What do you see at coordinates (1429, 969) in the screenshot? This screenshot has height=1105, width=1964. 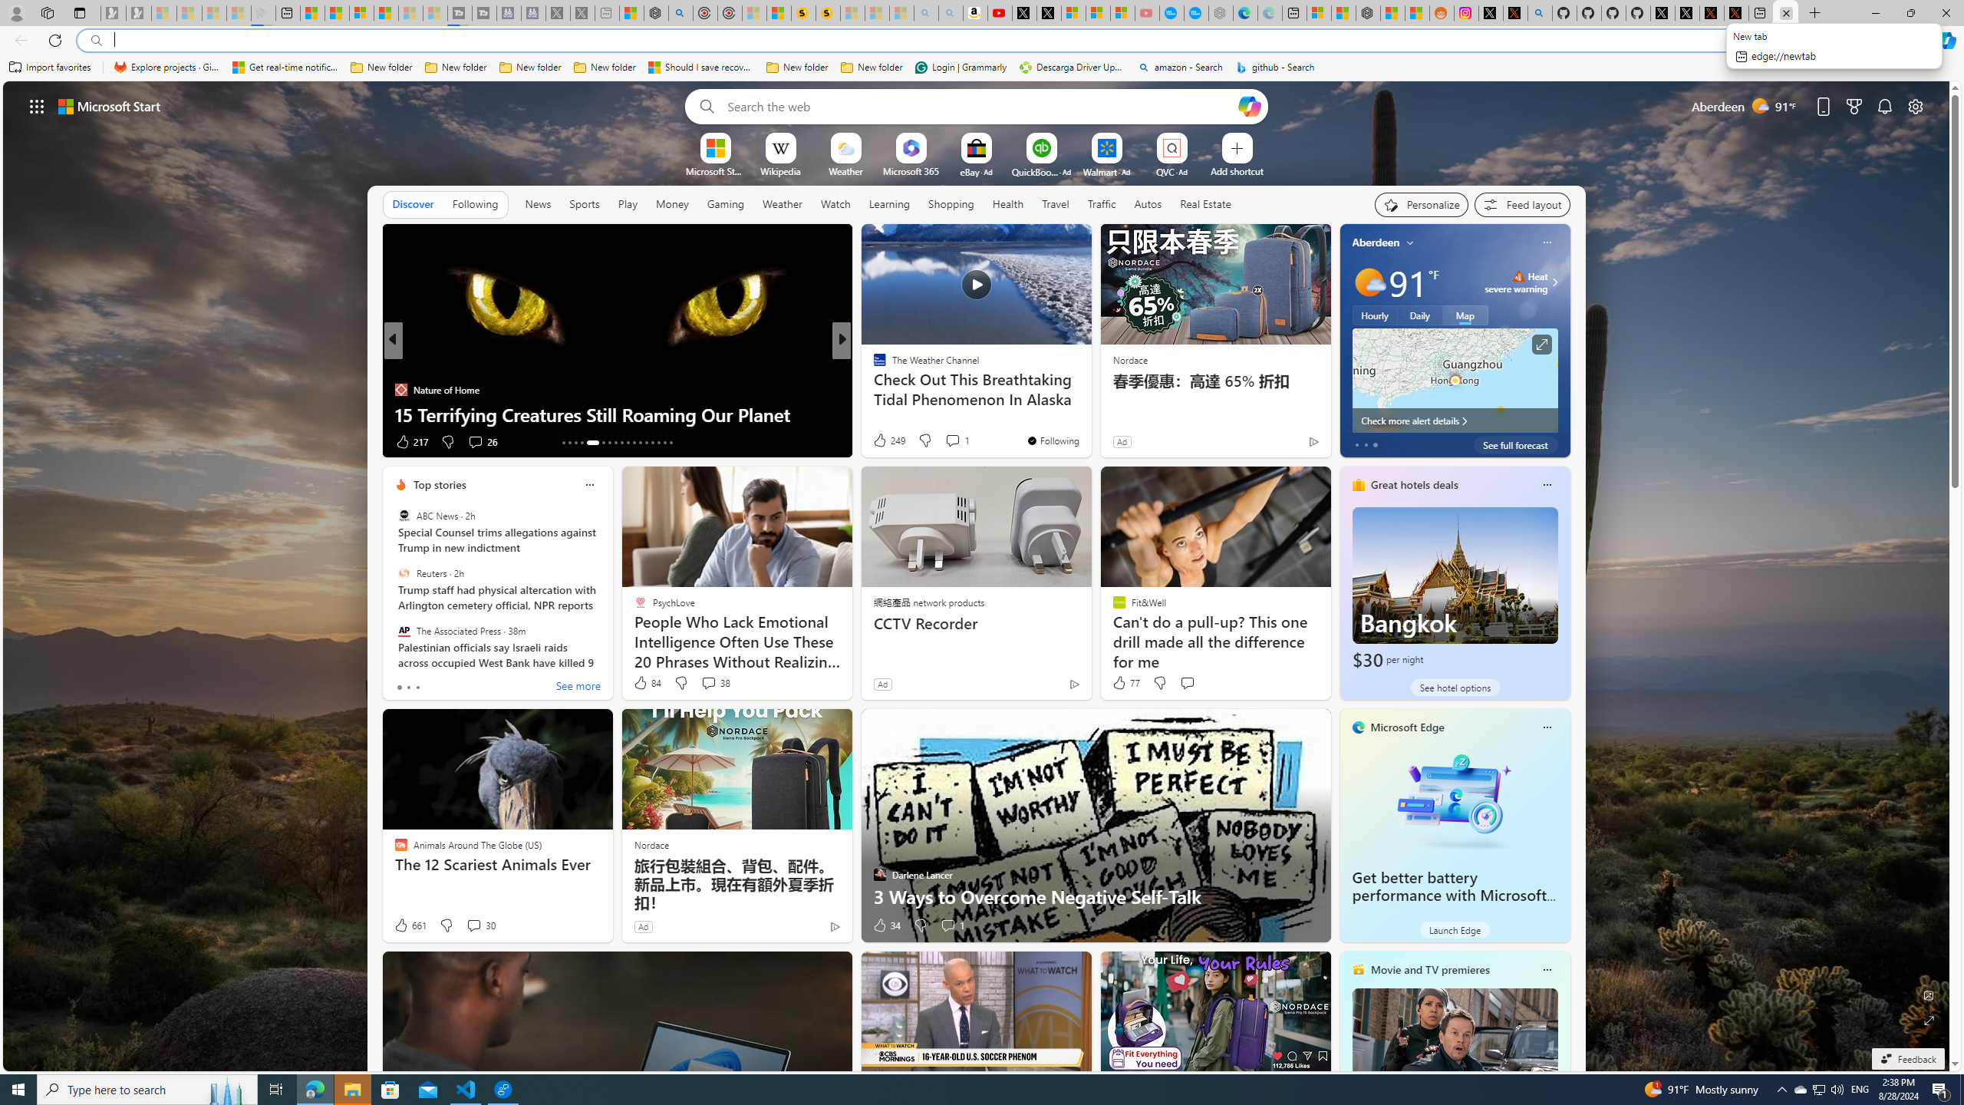 I see `'Movie and TV premieres'` at bounding box center [1429, 969].